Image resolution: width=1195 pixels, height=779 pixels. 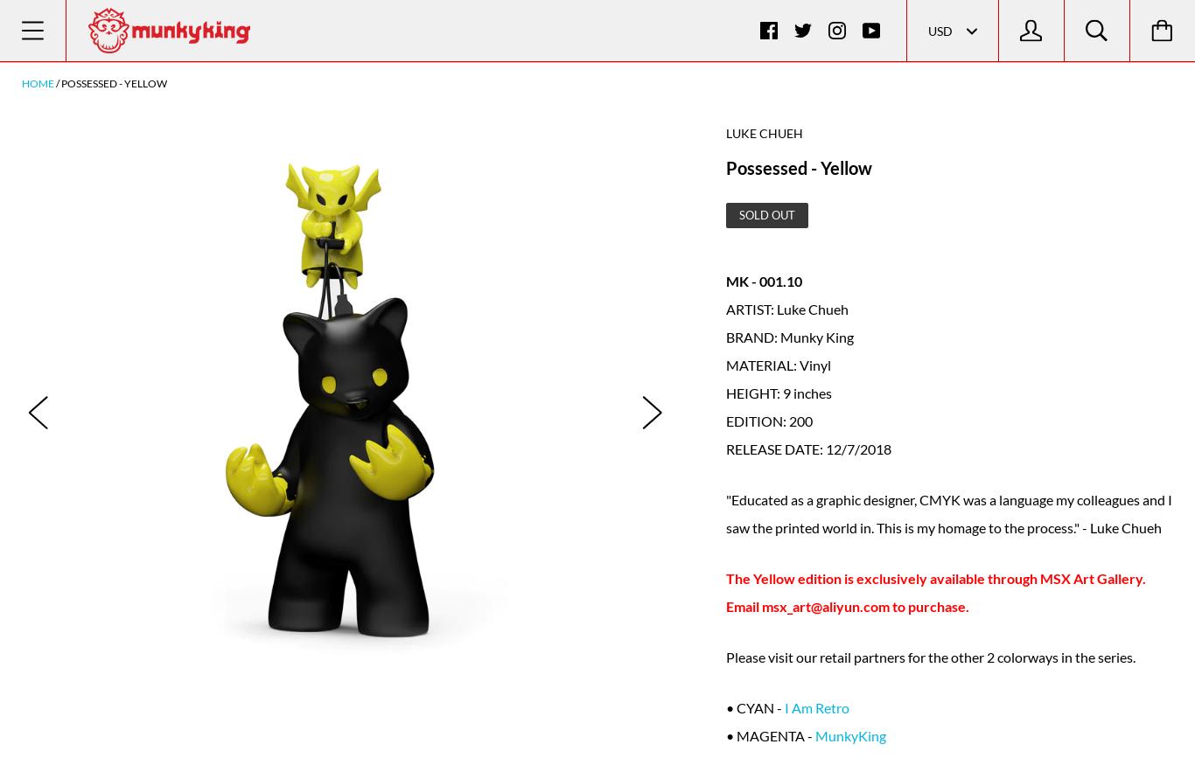 What do you see at coordinates (752, 391) in the screenshot?
I see `'HEIGHT:'` at bounding box center [752, 391].